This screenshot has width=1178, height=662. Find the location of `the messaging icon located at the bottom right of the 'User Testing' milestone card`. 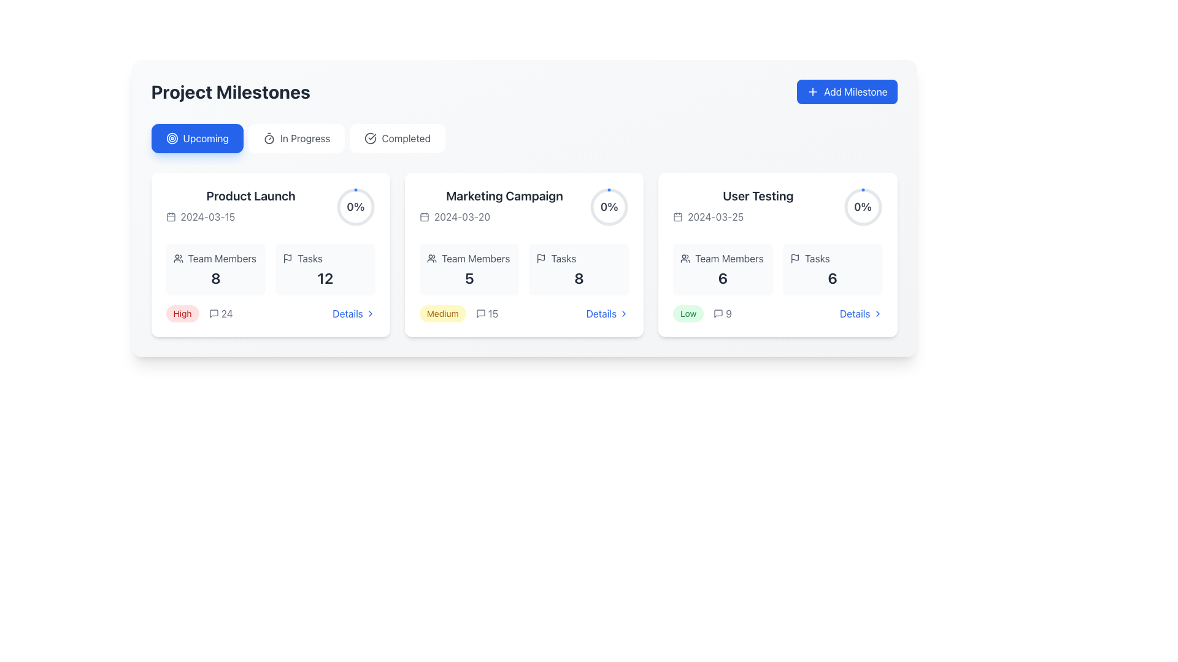

the messaging icon located at the bottom right of the 'User Testing' milestone card is located at coordinates (718, 313).